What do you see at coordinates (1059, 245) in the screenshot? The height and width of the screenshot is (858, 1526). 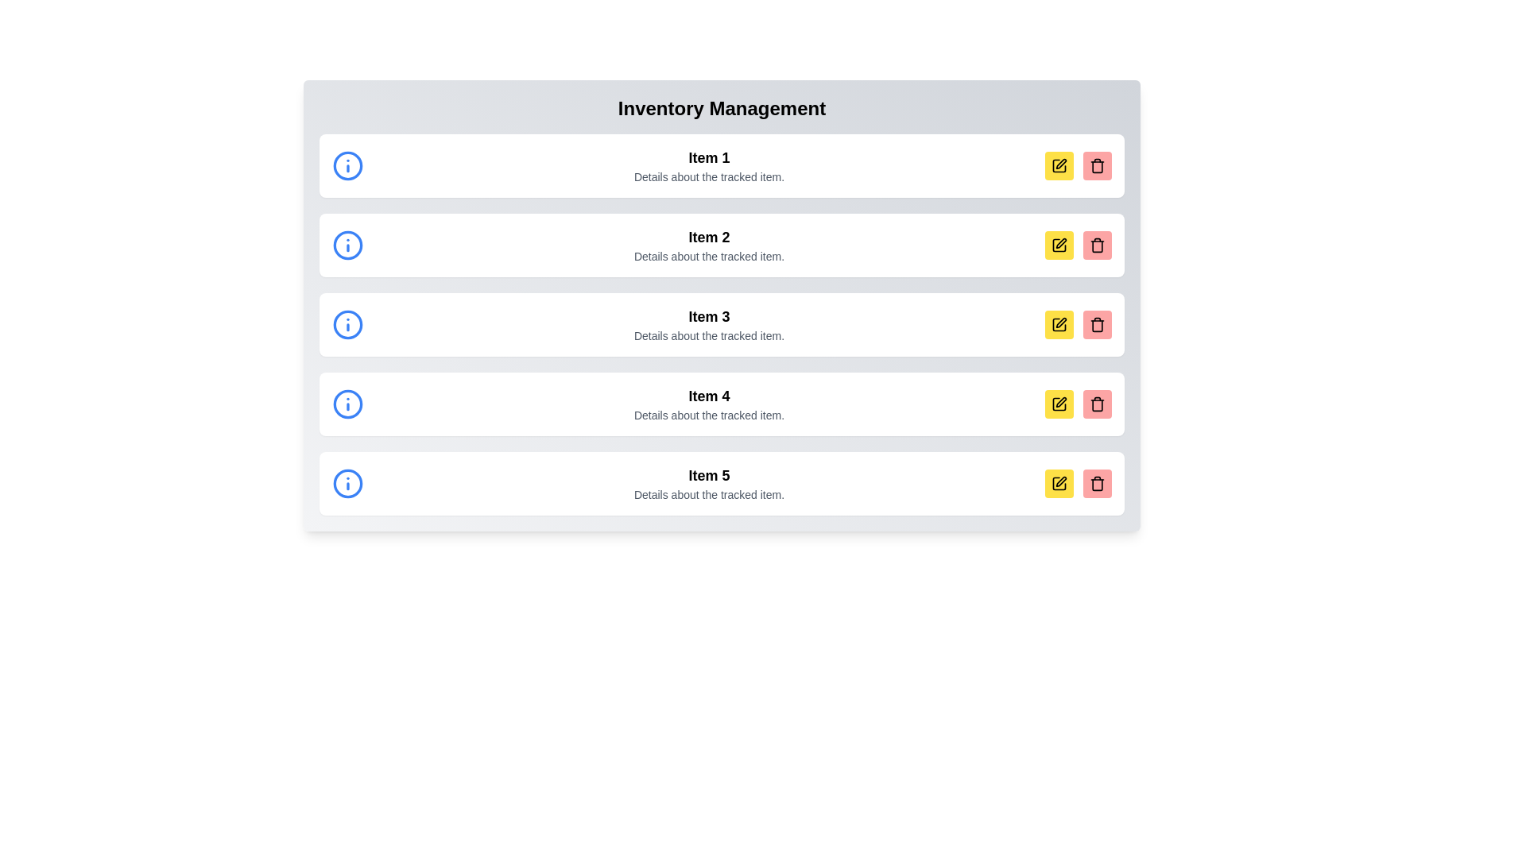 I see `the yellow edit button located at the far right of the list item` at bounding box center [1059, 245].